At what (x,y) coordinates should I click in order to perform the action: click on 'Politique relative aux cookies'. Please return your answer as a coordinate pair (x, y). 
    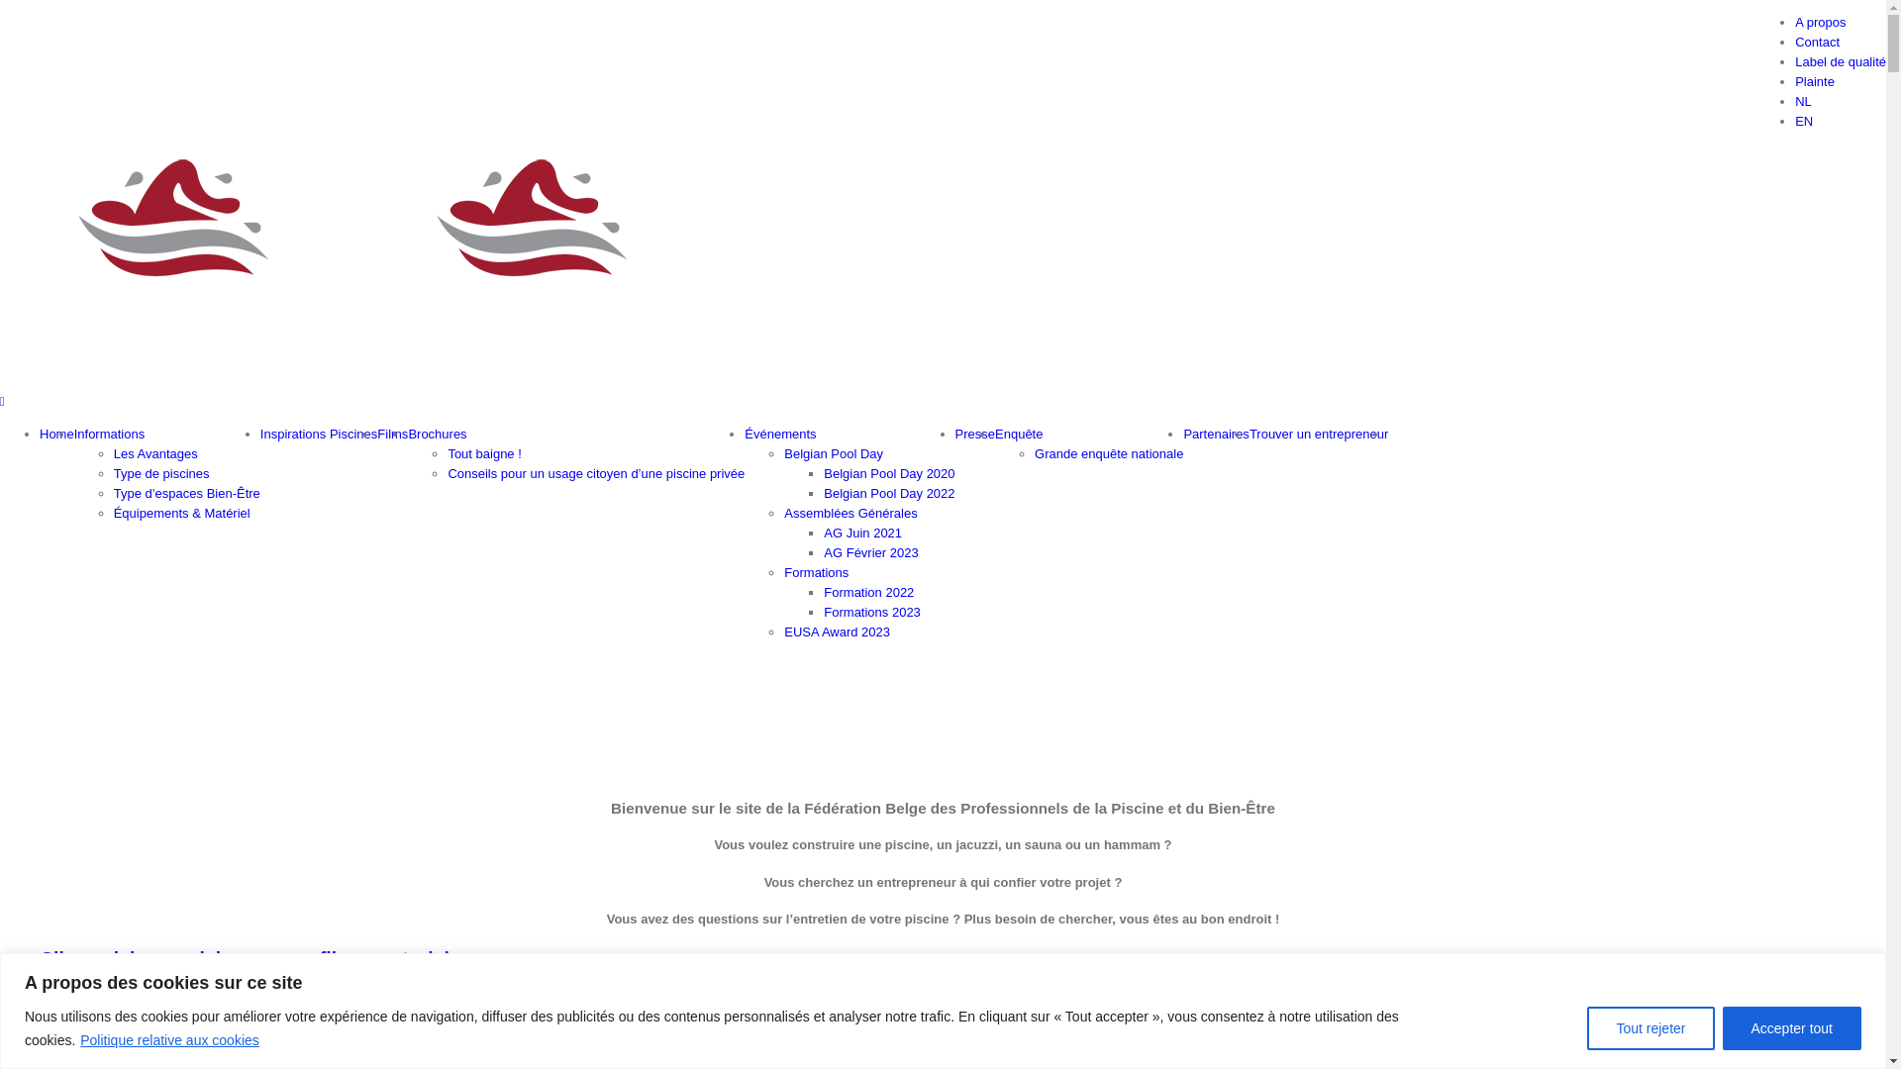
    Looking at the image, I should click on (169, 1038).